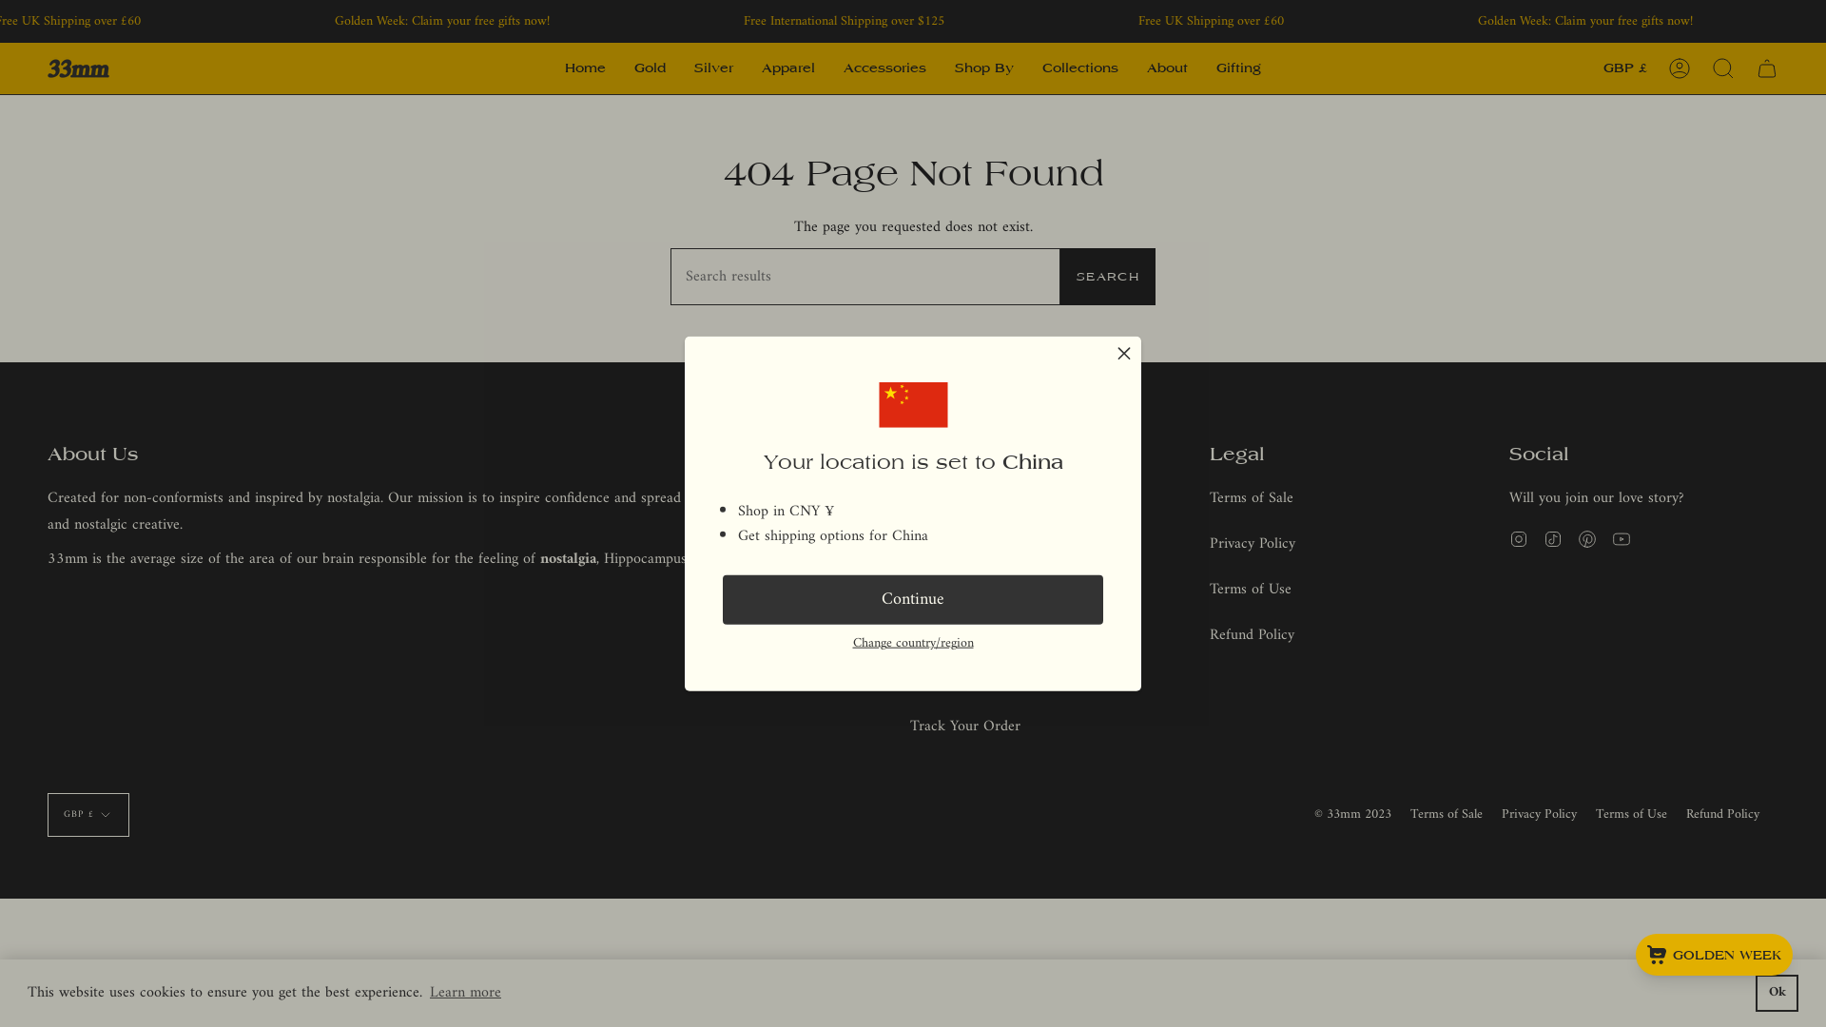  I want to click on 'TikTok', so click(1552, 539).